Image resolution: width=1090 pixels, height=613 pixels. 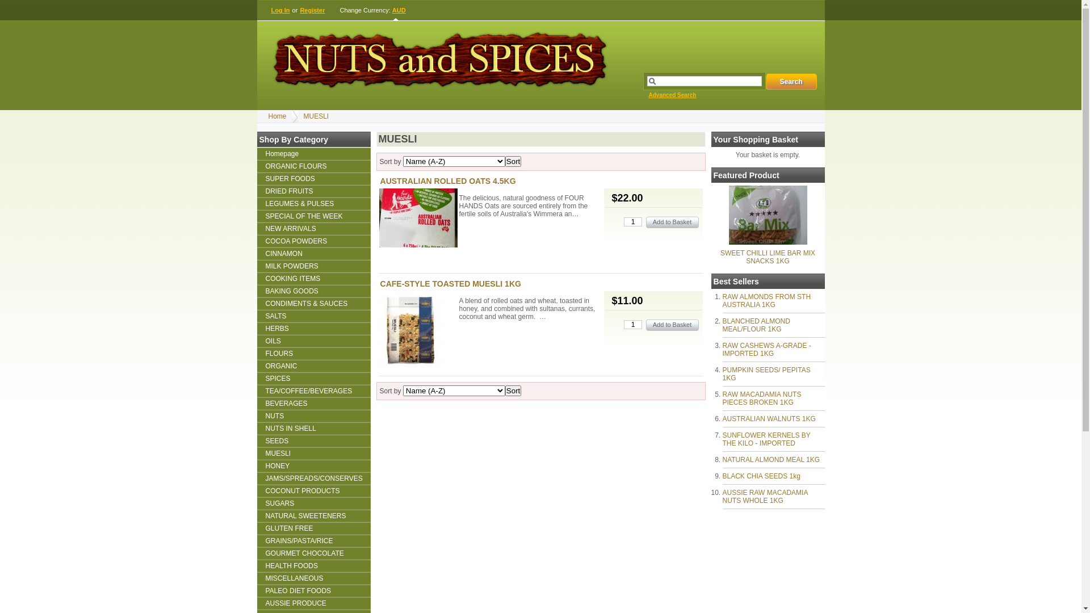 I want to click on 'NATURAL ALMOND MEAL 1KG', so click(x=771, y=460).